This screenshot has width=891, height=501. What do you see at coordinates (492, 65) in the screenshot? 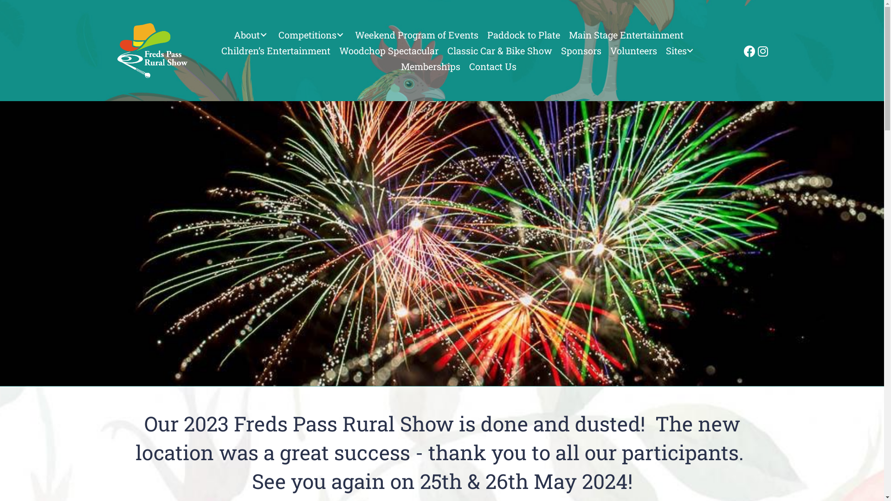
I see `'Contact Us'` at bounding box center [492, 65].